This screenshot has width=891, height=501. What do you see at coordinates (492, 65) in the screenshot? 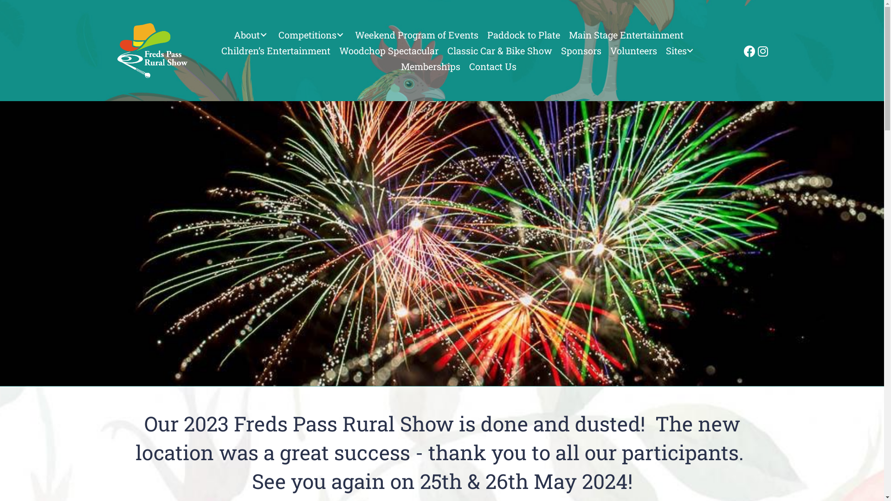
I see `'Contact Us'` at bounding box center [492, 65].